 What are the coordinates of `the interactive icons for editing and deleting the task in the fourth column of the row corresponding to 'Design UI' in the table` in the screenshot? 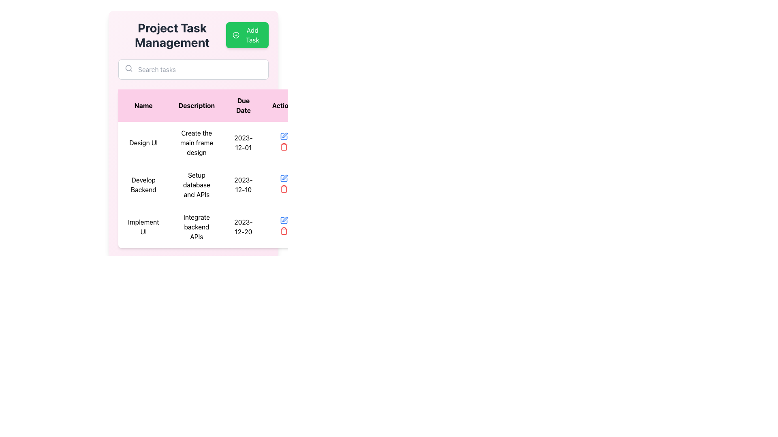 It's located at (284, 142).